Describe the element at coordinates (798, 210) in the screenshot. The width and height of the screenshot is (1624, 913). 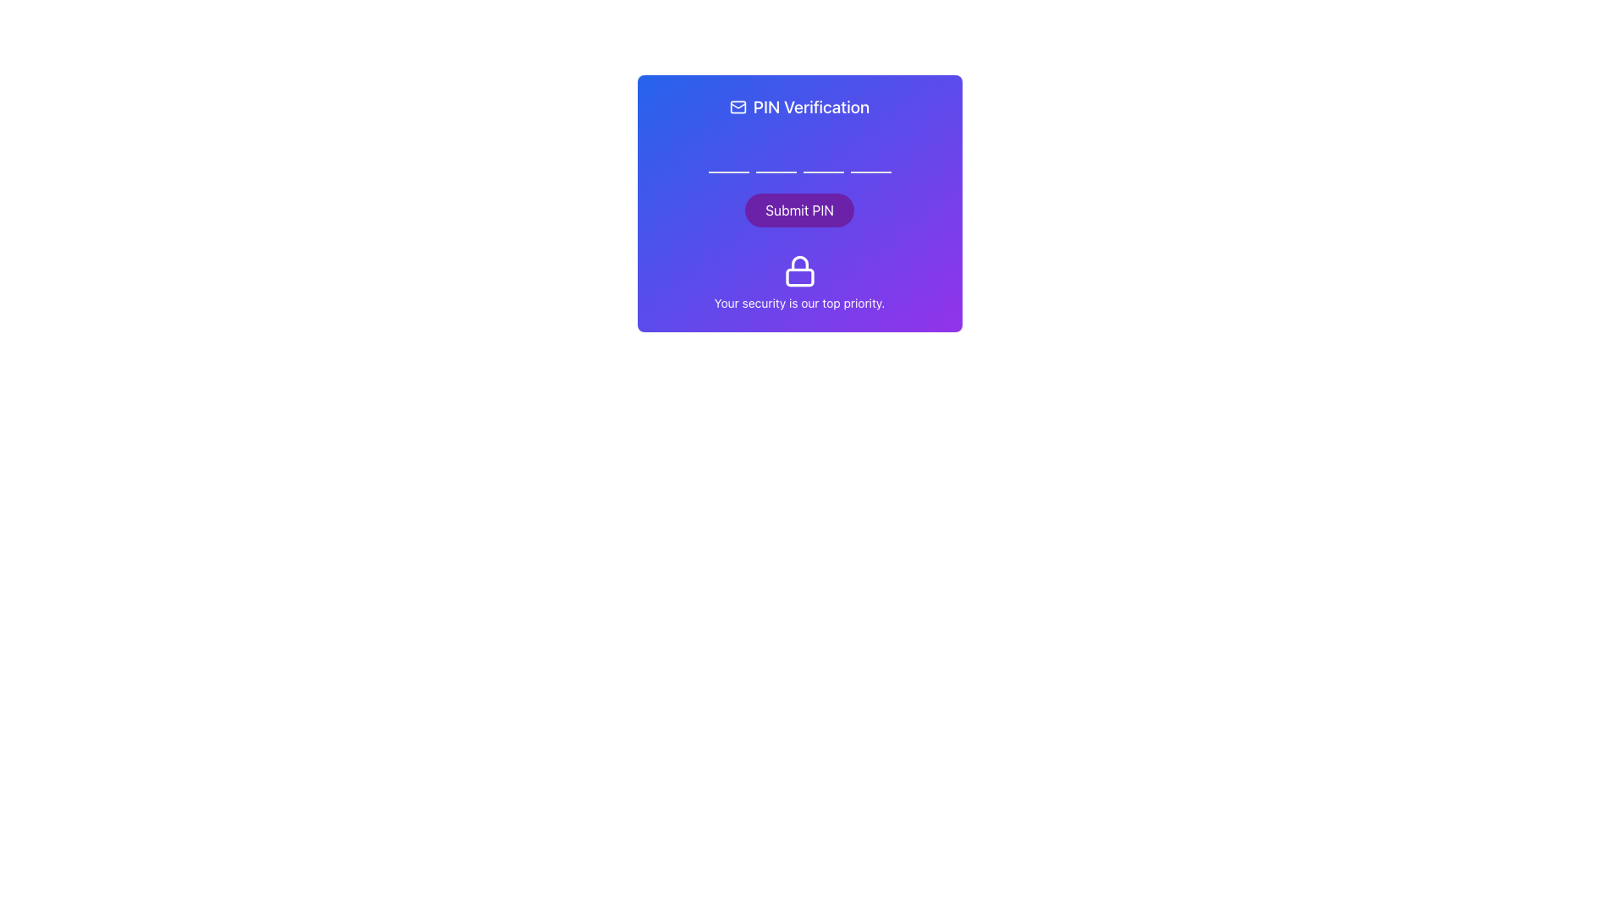
I see `the 'Submit PIN' button to observe its shade change, which is styled with rounded corners and a purple background` at that location.